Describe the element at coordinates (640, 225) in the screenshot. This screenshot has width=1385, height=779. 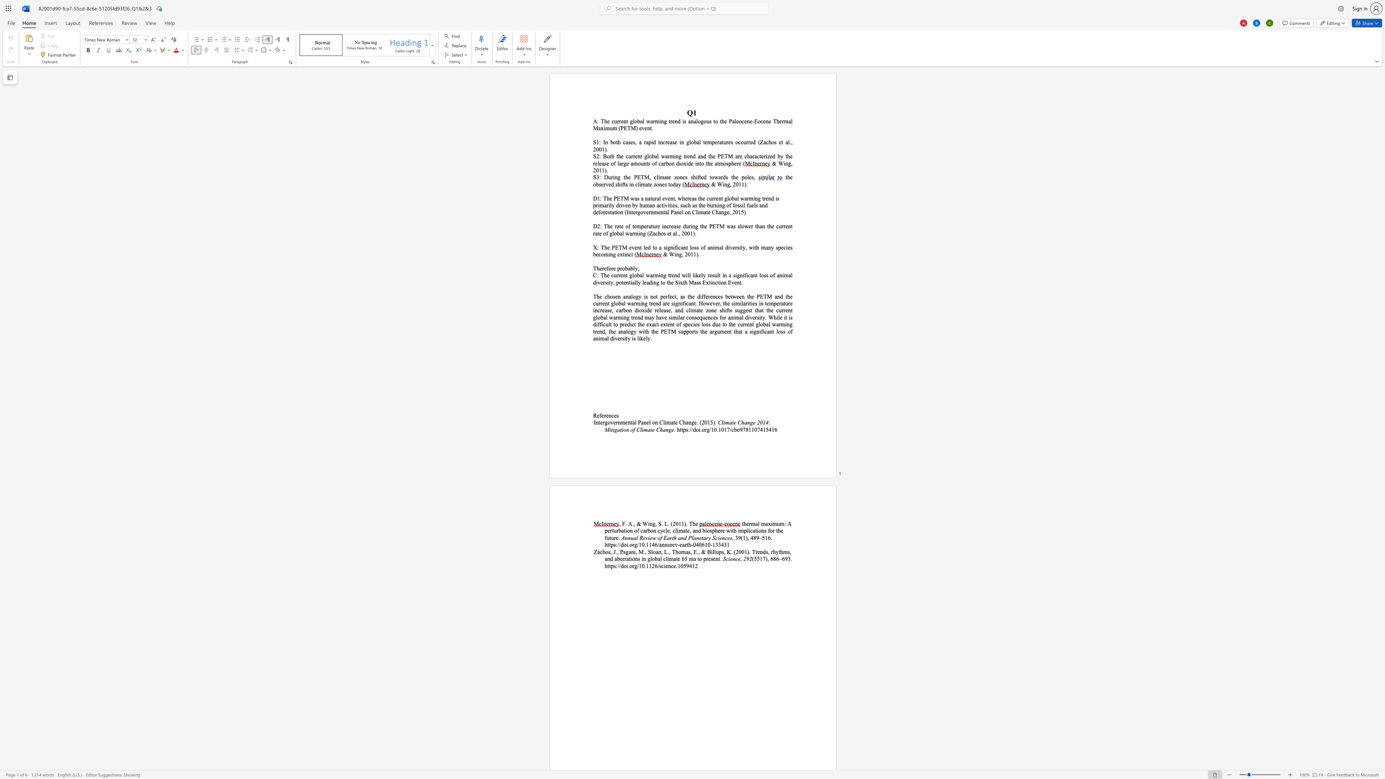
I see `the space between the continuous character "m" and "p" in the text` at that location.